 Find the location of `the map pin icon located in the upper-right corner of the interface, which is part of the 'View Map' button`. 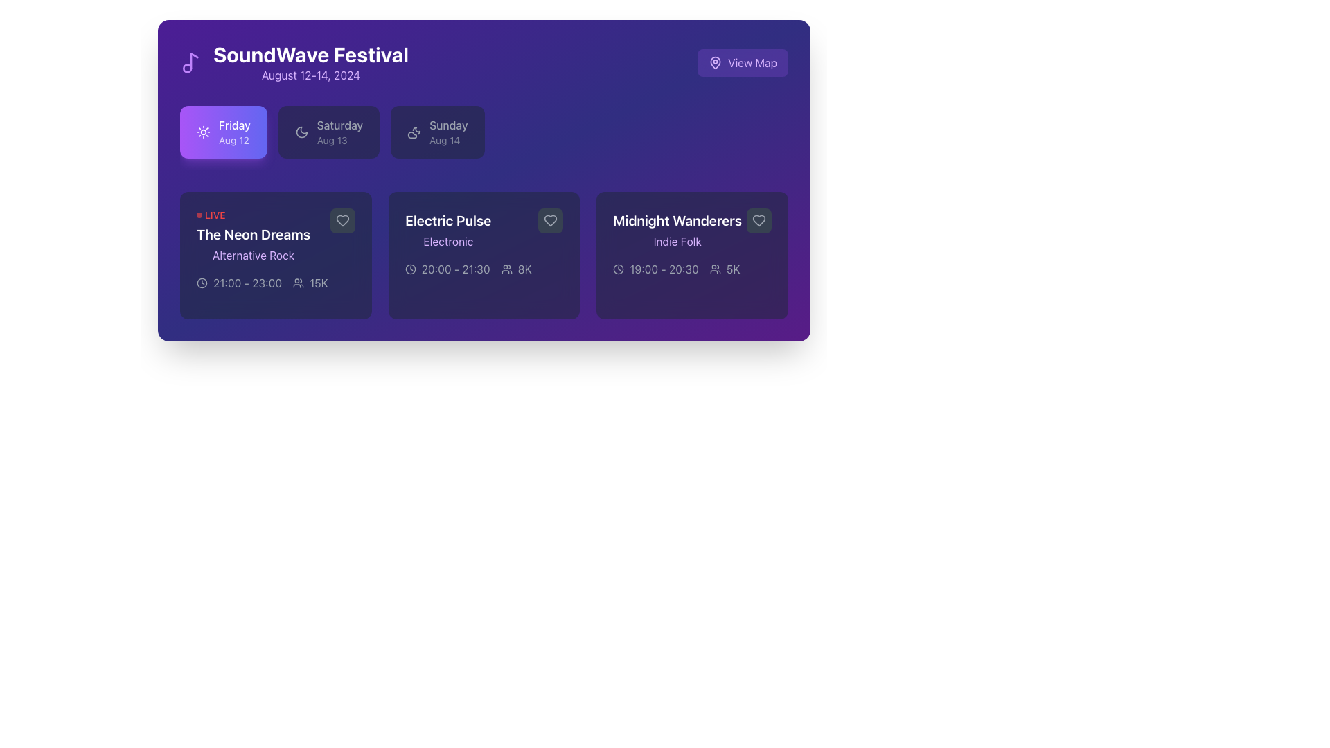

the map pin icon located in the upper-right corner of the interface, which is part of the 'View Map' button is located at coordinates (716, 63).